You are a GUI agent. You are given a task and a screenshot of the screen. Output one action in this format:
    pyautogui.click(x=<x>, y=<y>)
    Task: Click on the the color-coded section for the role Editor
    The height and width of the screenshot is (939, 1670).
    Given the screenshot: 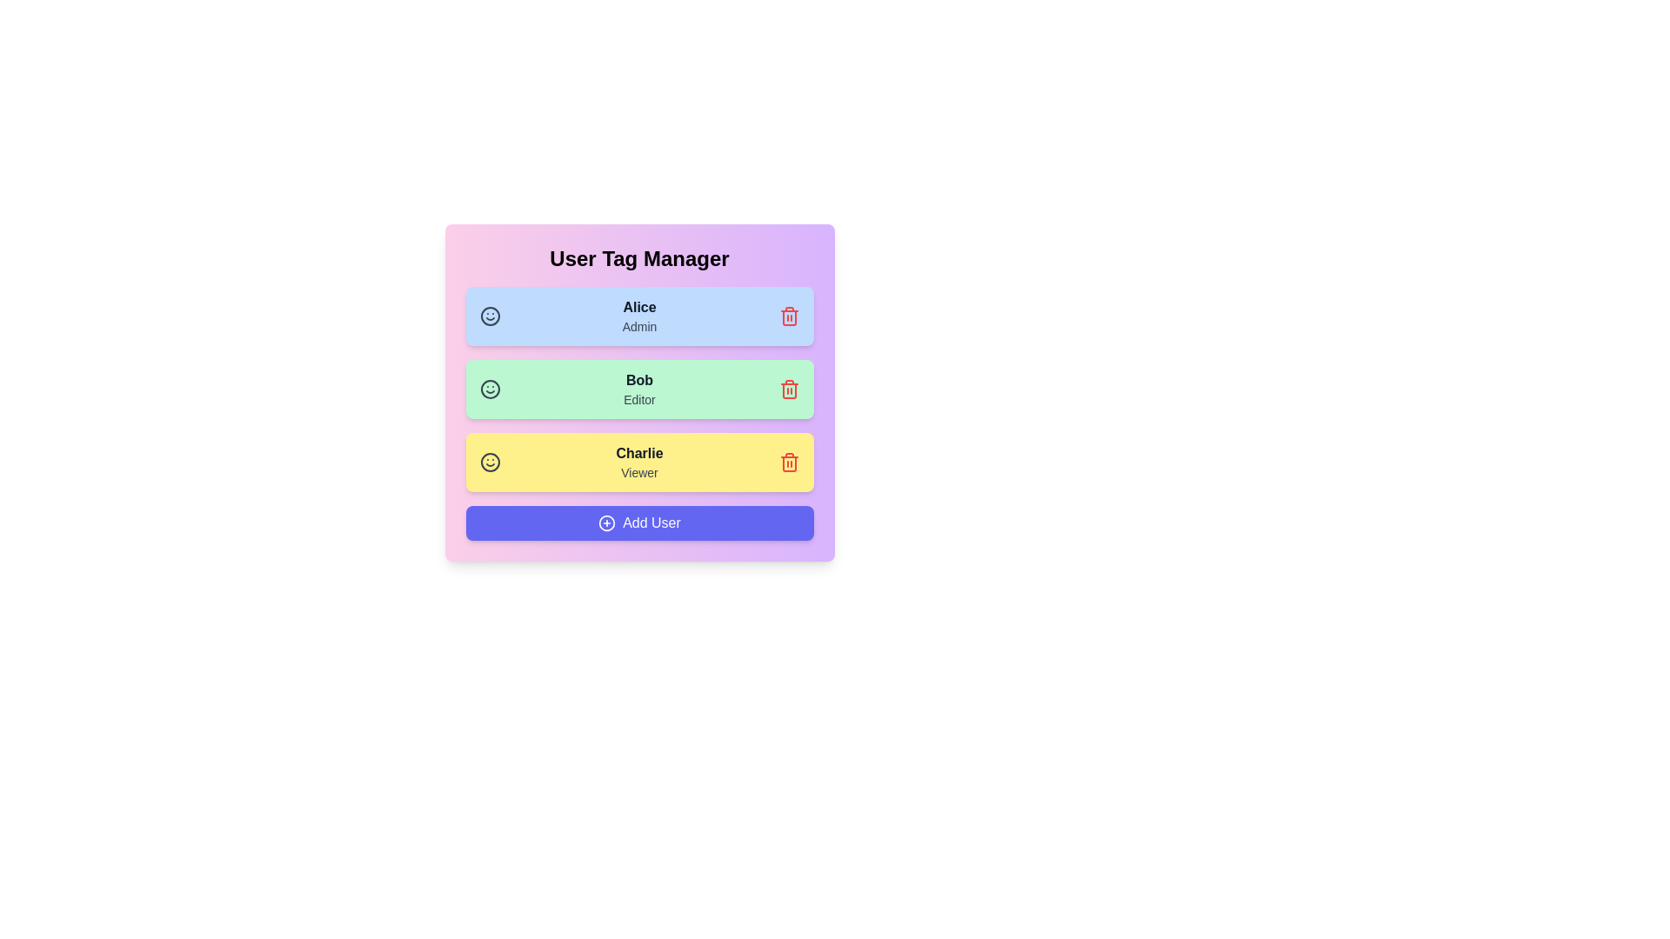 What is the action you would take?
    pyautogui.click(x=638, y=388)
    